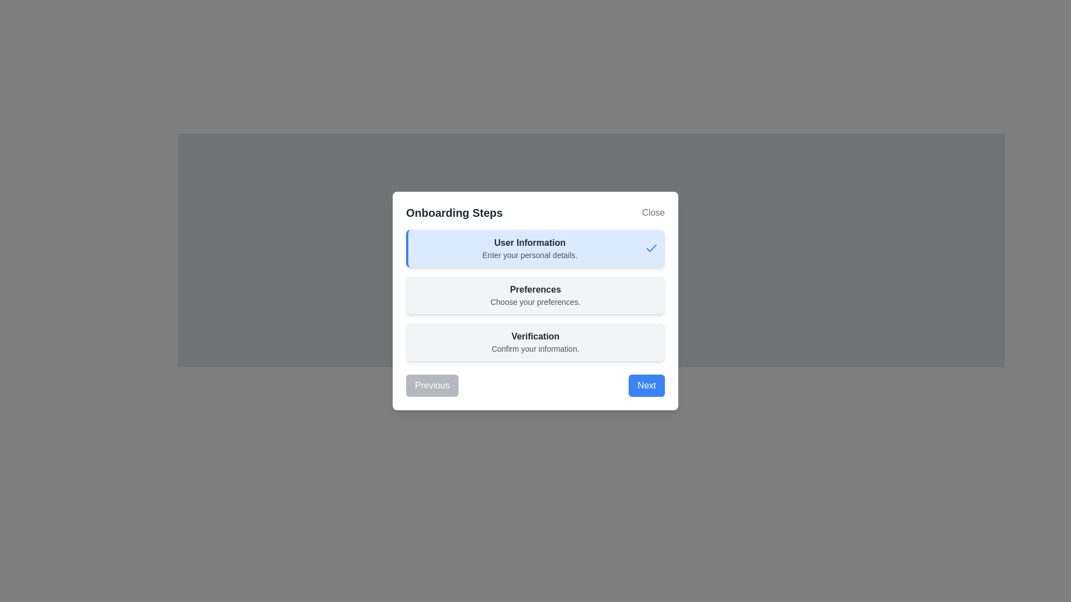 The image size is (1071, 602). Describe the element at coordinates (647, 385) in the screenshot. I see `the button located at the bottom-right corner of the modal` at that location.